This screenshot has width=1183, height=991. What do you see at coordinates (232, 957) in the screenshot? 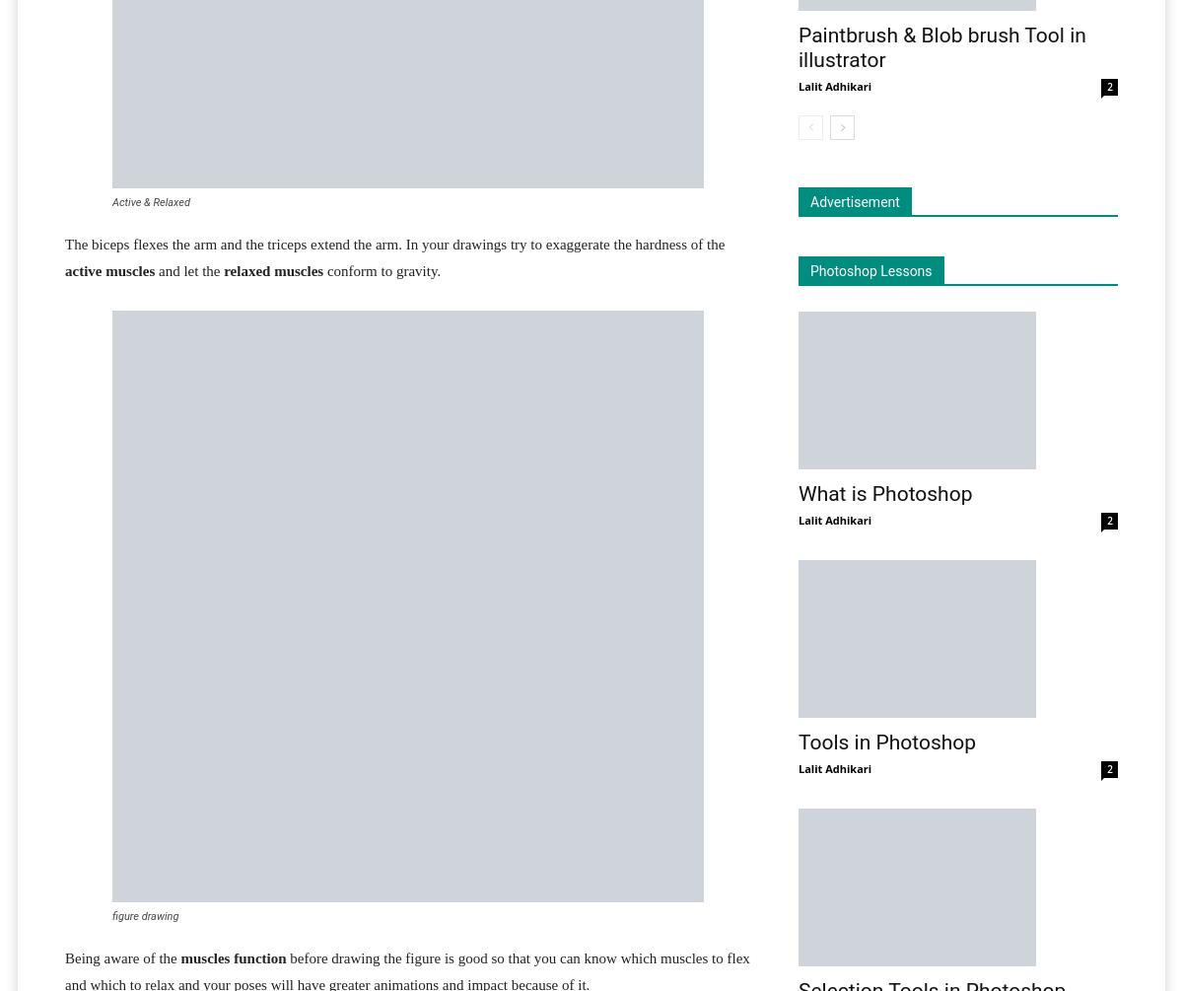
I see `'muscles function'` at bounding box center [232, 957].